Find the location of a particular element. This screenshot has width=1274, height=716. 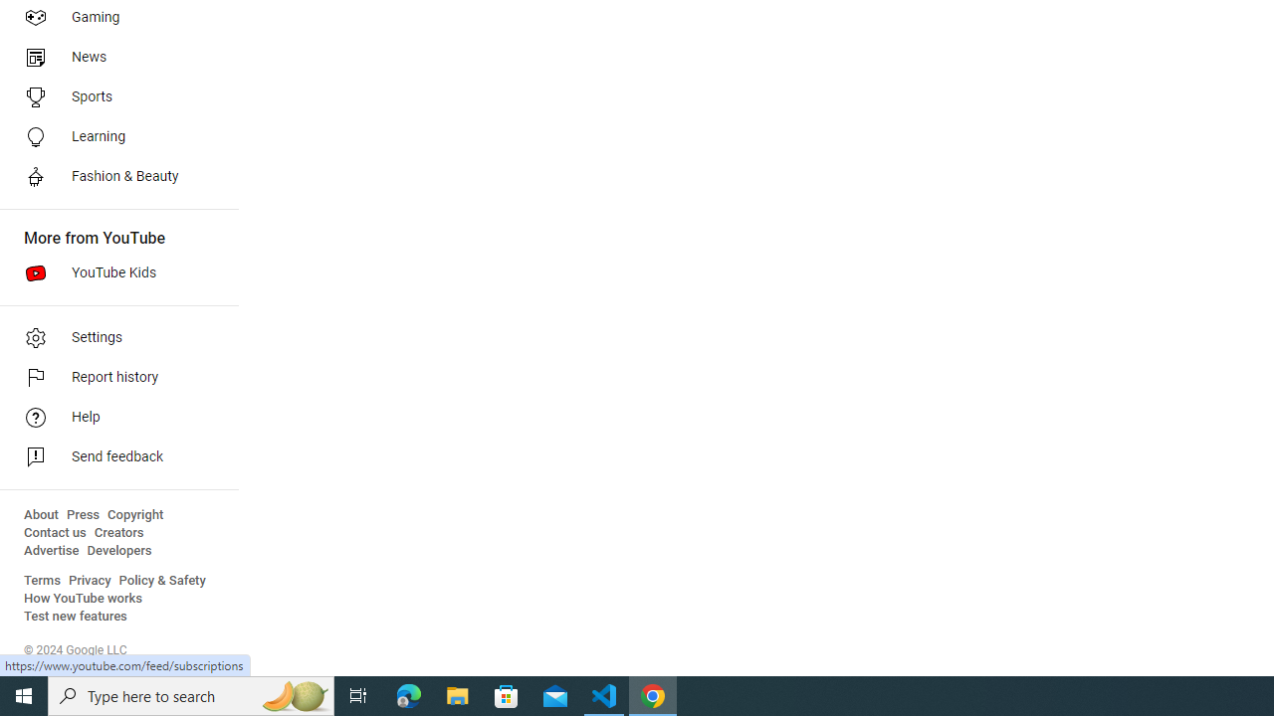

'Sports' is located at coordinates (111, 96).